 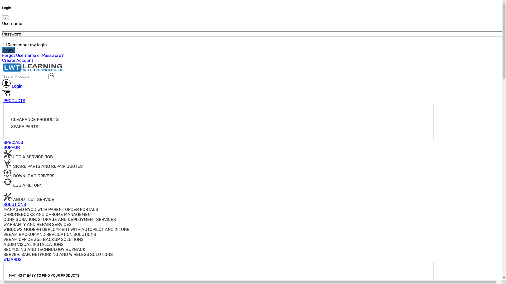 What do you see at coordinates (14, 100) in the screenshot?
I see `'PRODUCTS'` at bounding box center [14, 100].